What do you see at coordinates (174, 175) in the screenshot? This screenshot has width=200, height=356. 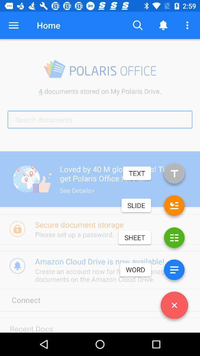 I see `text document` at bounding box center [174, 175].